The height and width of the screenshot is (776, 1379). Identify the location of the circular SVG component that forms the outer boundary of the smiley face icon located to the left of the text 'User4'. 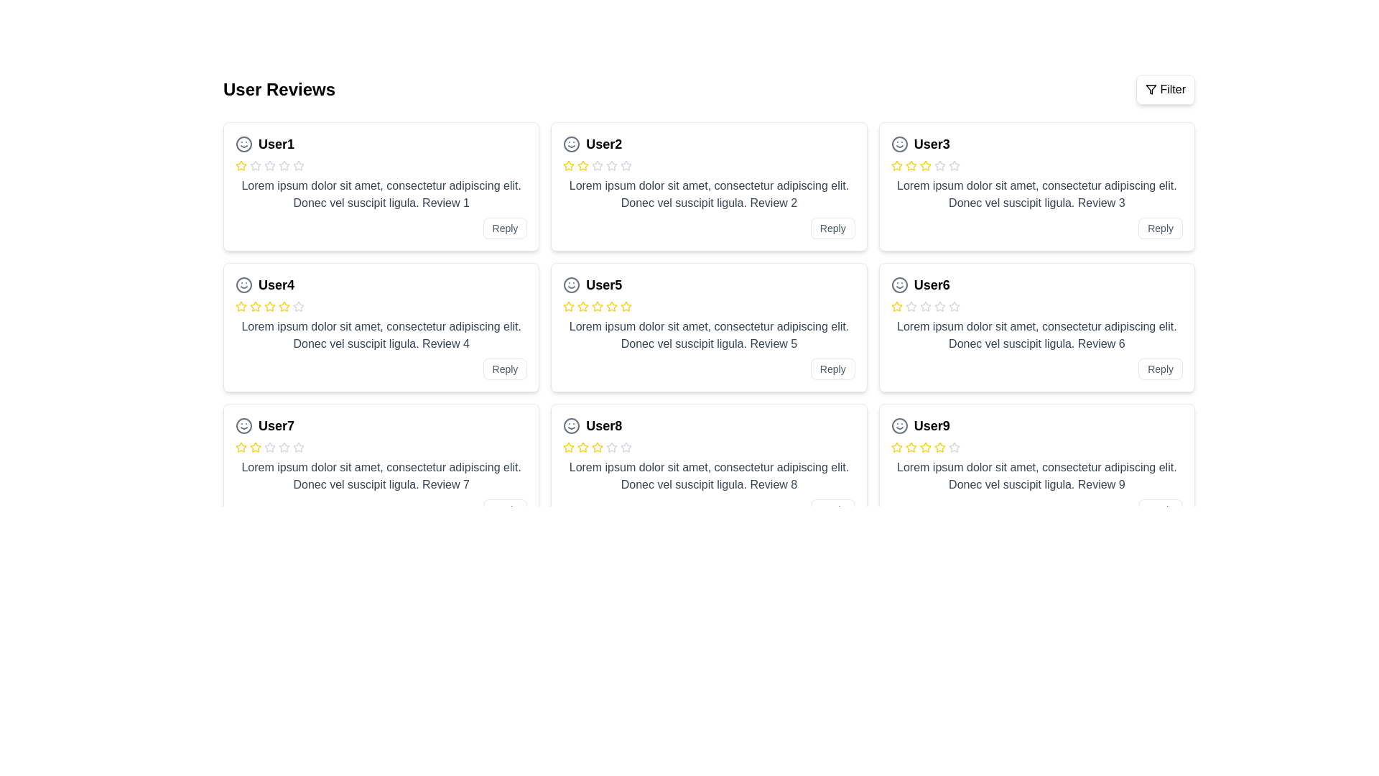
(244, 285).